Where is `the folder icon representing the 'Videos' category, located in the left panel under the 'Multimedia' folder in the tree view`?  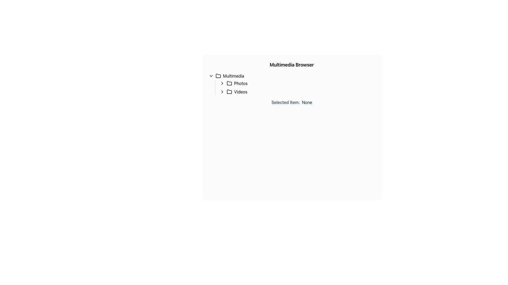 the folder icon representing the 'Videos' category, located in the left panel under the 'Multimedia' folder in the tree view is located at coordinates (229, 91).